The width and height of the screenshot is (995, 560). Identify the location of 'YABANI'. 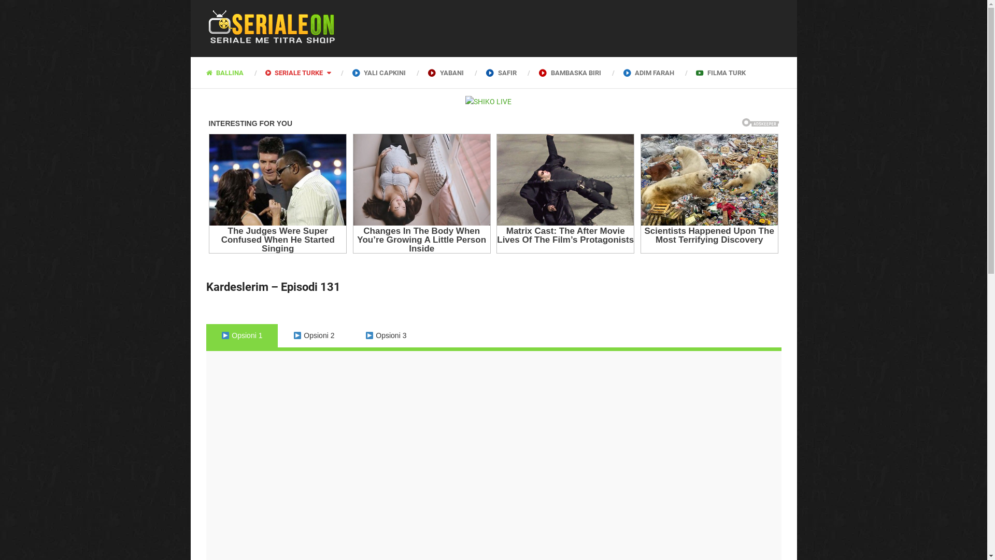
(445, 72).